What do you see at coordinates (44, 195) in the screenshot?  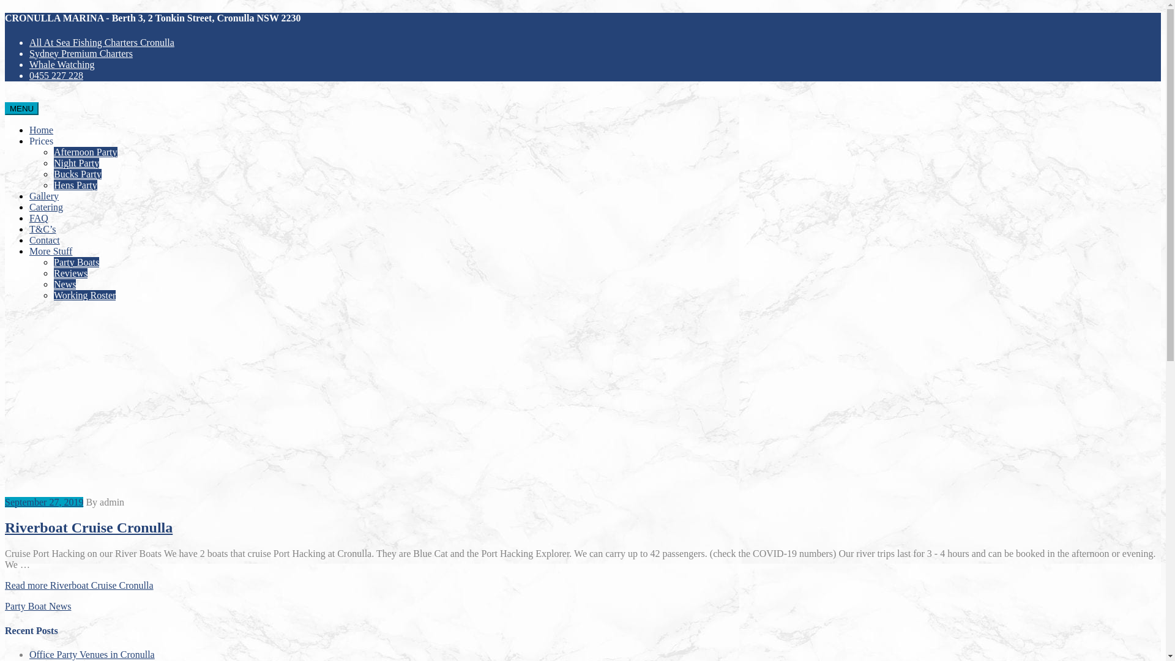 I see `'Gallery'` at bounding box center [44, 195].